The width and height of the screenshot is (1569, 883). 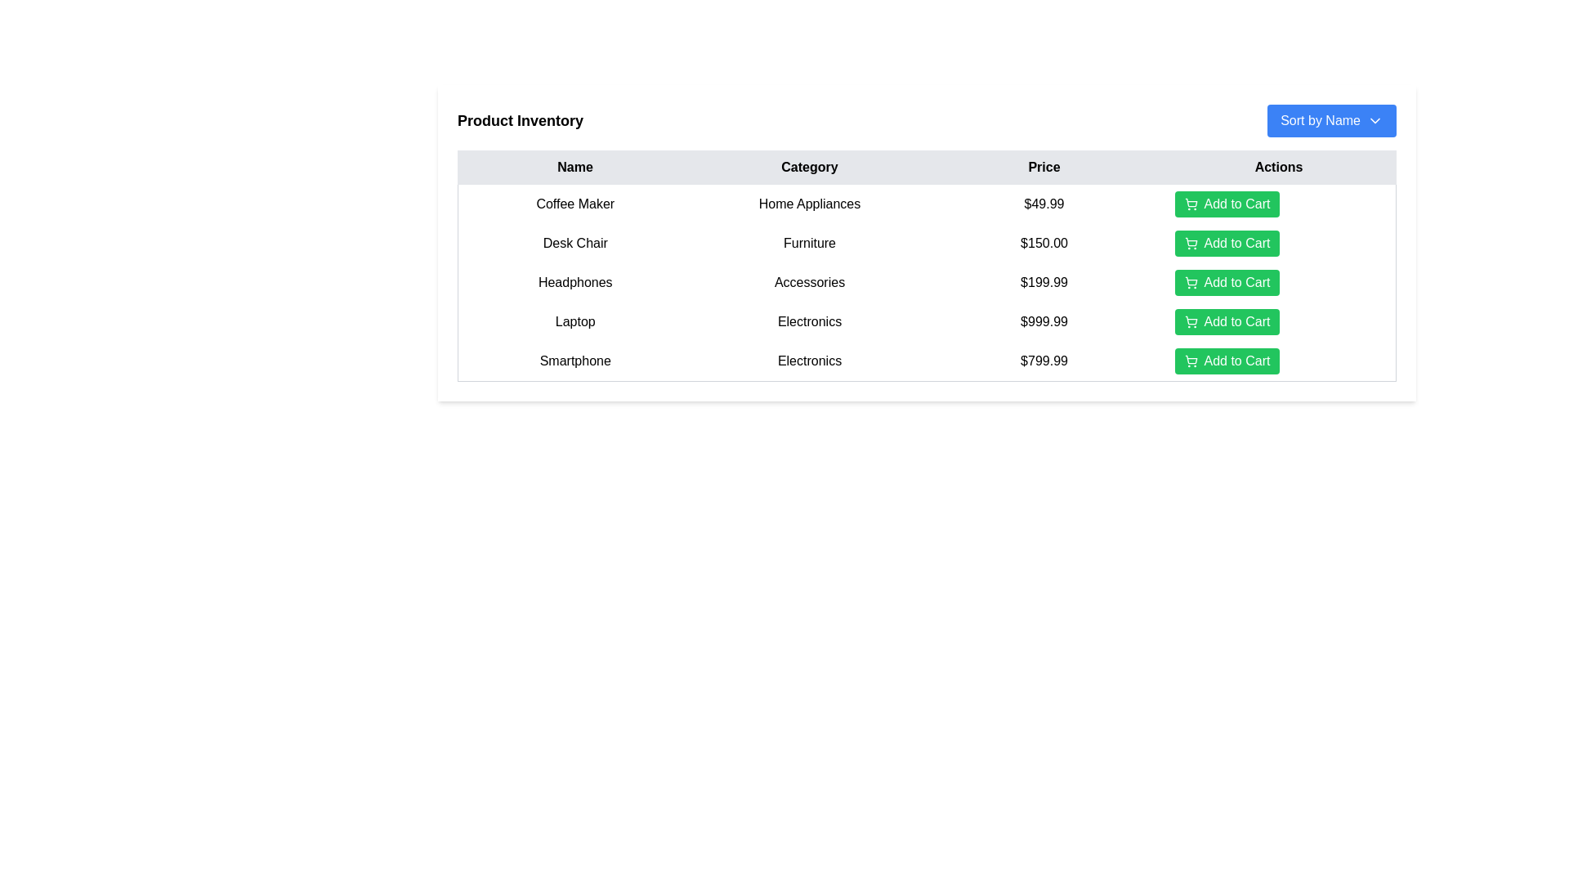 What do you see at coordinates (1043, 243) in the screenshot?
I see `the price label displaying the price of the 'Desk Chair' product in the inventory table, located in the third column under the 'Price' category` at bounding box center [1043, 243].